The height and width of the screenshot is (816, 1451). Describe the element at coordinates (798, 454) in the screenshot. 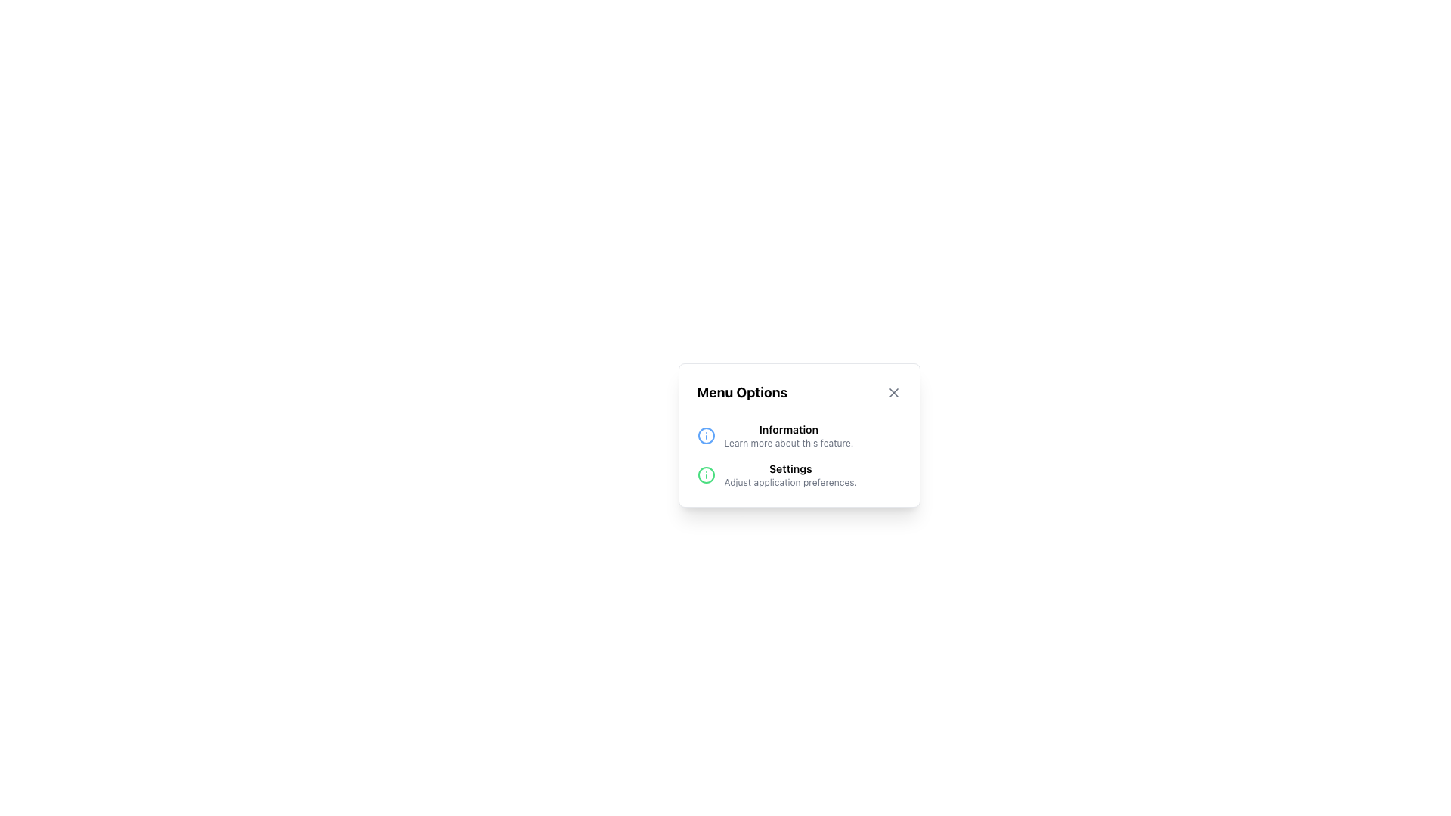

I see `the 'Adjust application preferences' option located within the Informational List in the 'Menu Options' modal` at that location.